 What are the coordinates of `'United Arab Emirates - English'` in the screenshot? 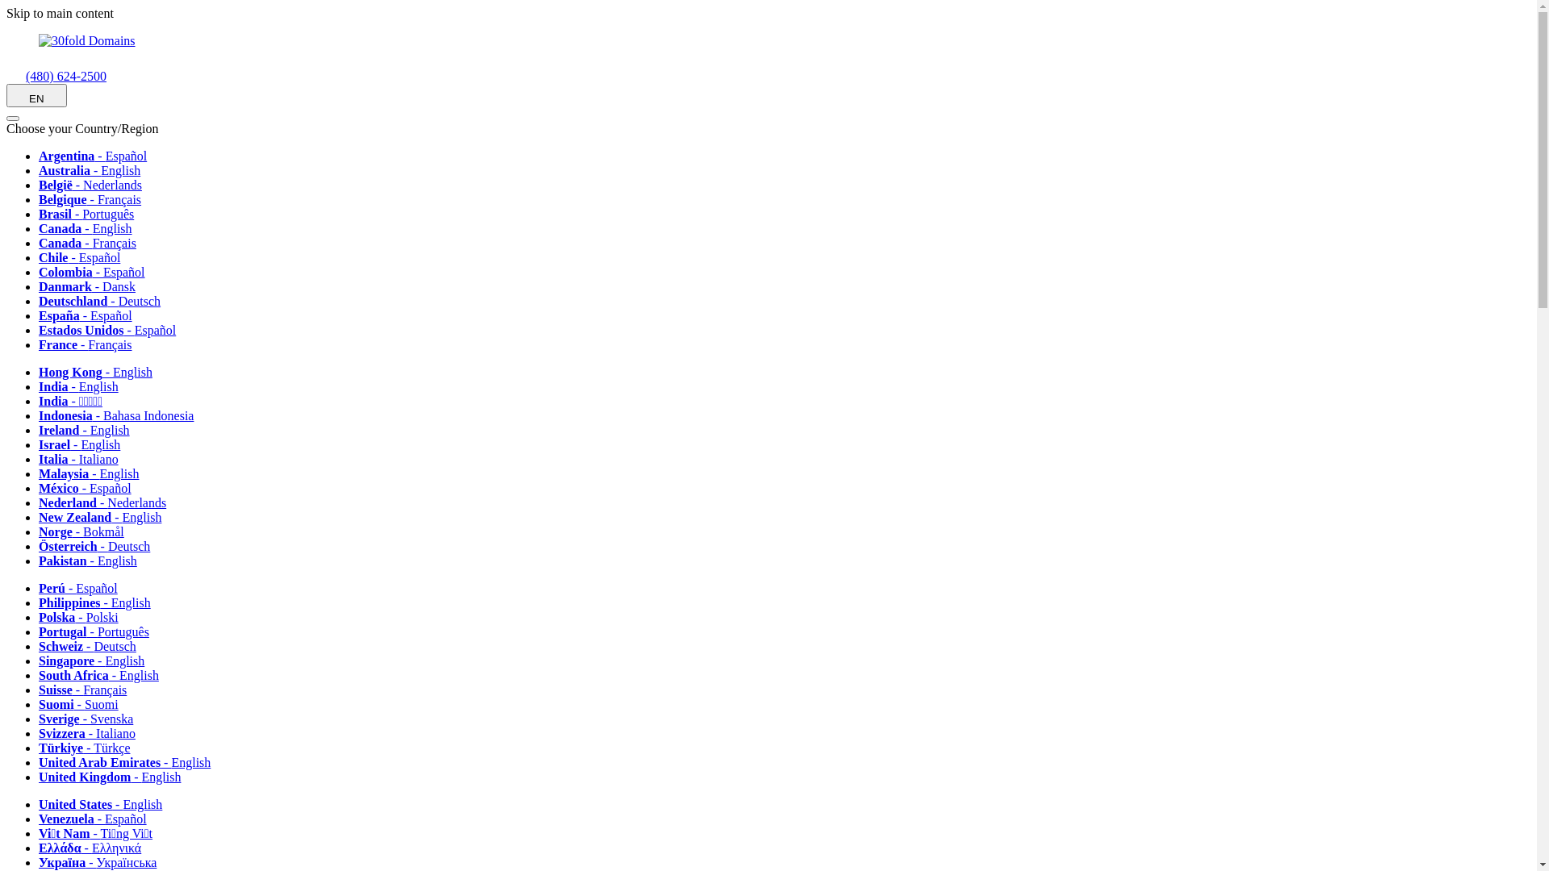 It's located at (130, 762).